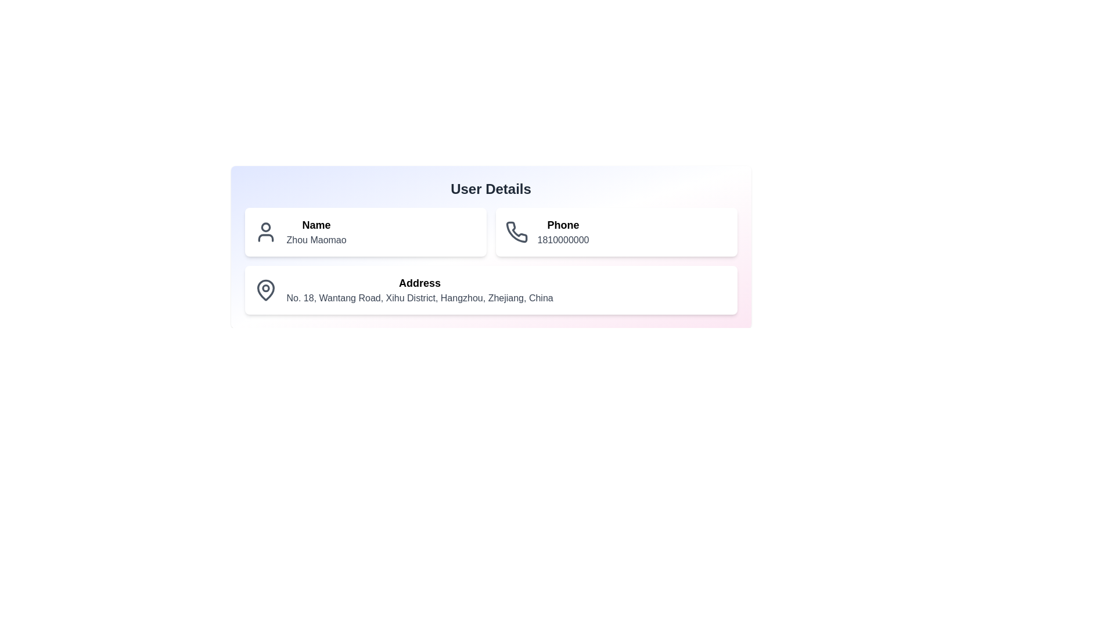 This screenshot has height=627, width=1115. What do you see at coordinates (563, 225) in the screenshot?
I see `the Text Label indicating the phone number in the user details panel, located at the top right section above the phone number text` at bounding box center [563, 225].